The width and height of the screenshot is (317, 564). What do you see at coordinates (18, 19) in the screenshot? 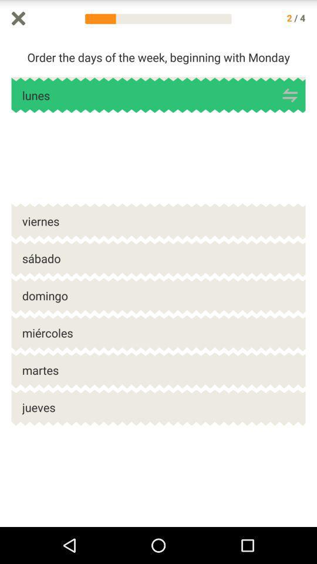
I see `the close icon` at bounding box center [18, 19].